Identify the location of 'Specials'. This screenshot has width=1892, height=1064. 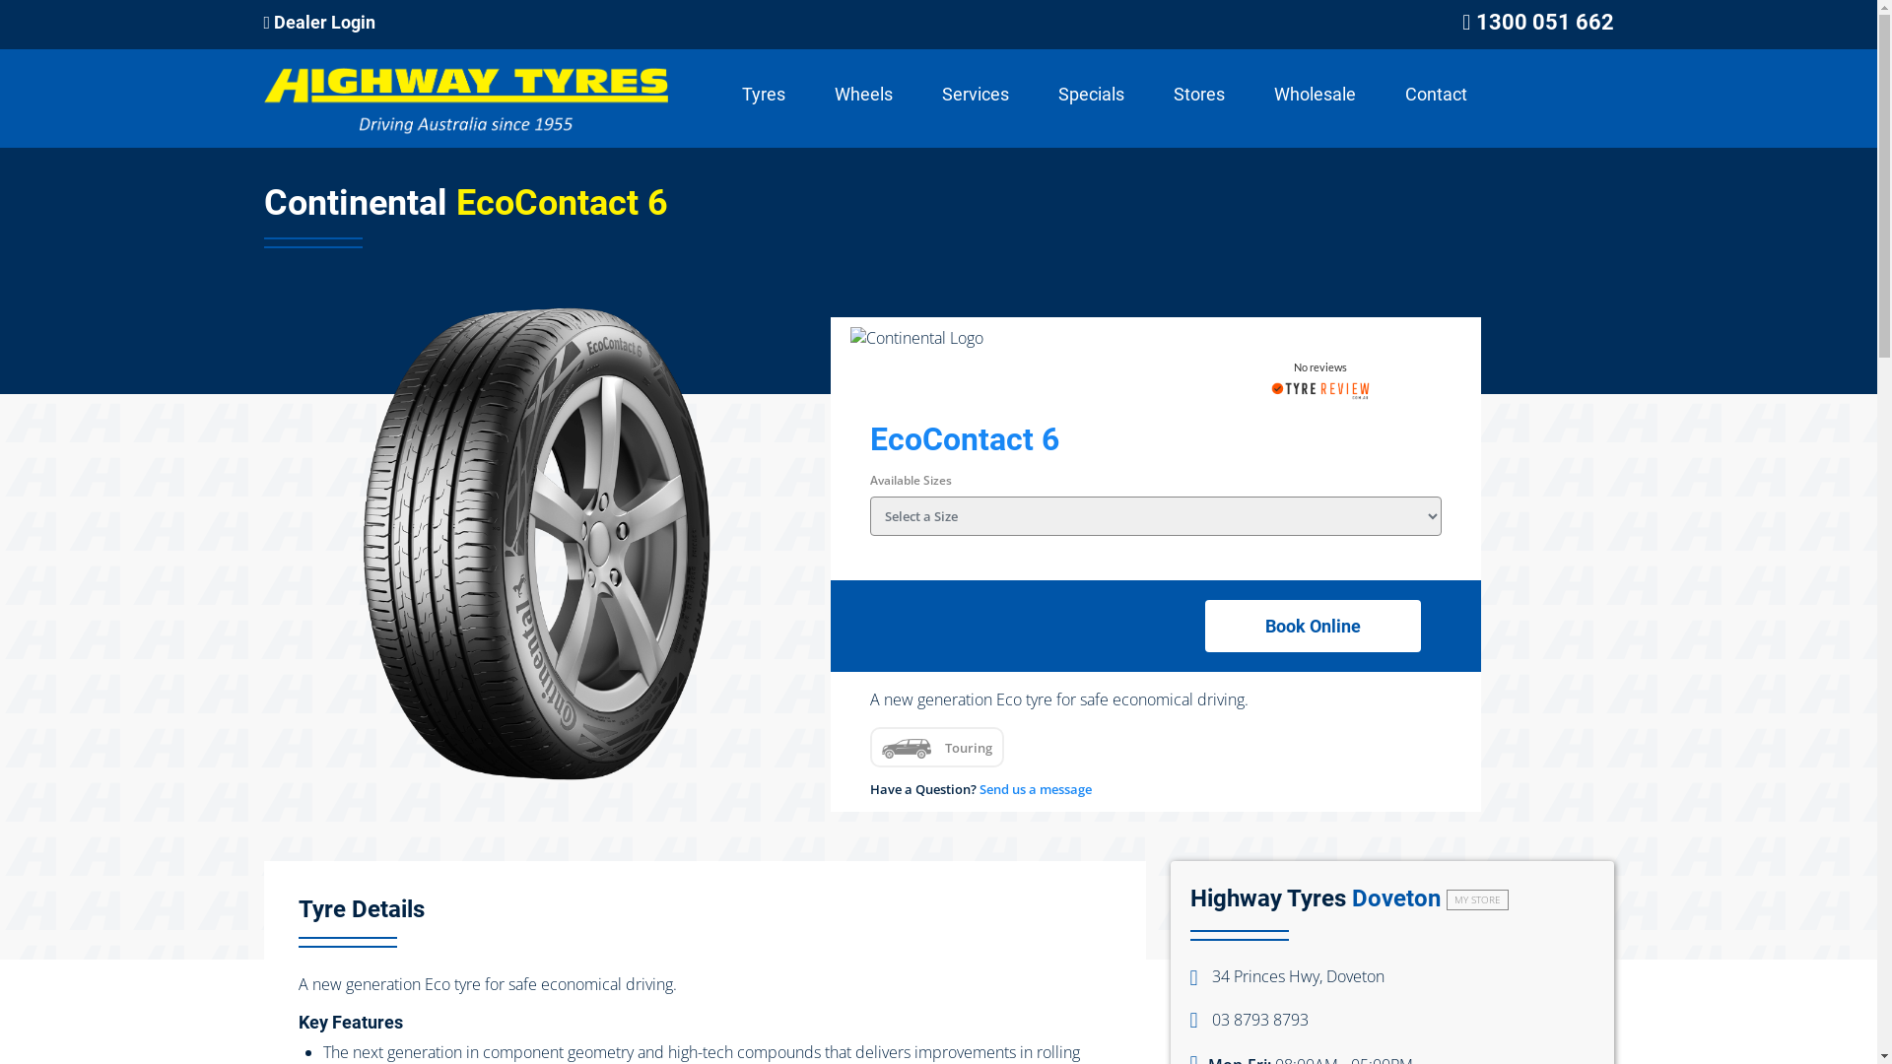
(1090, 94).